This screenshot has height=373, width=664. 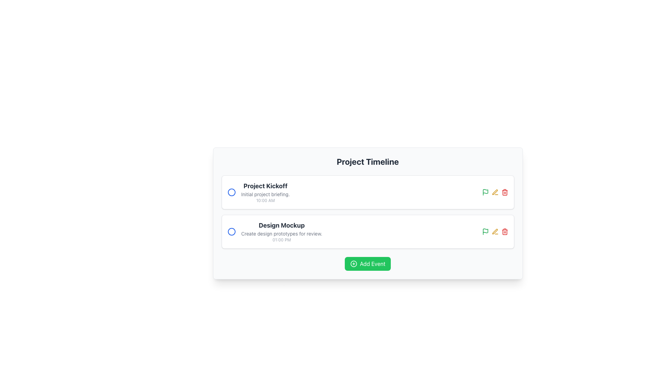 What do you see at coordinates (367, 211) in the screenshot?
I see `the Grouped List Component within the 'Project Timeline'` at bounding box center [367, 211].